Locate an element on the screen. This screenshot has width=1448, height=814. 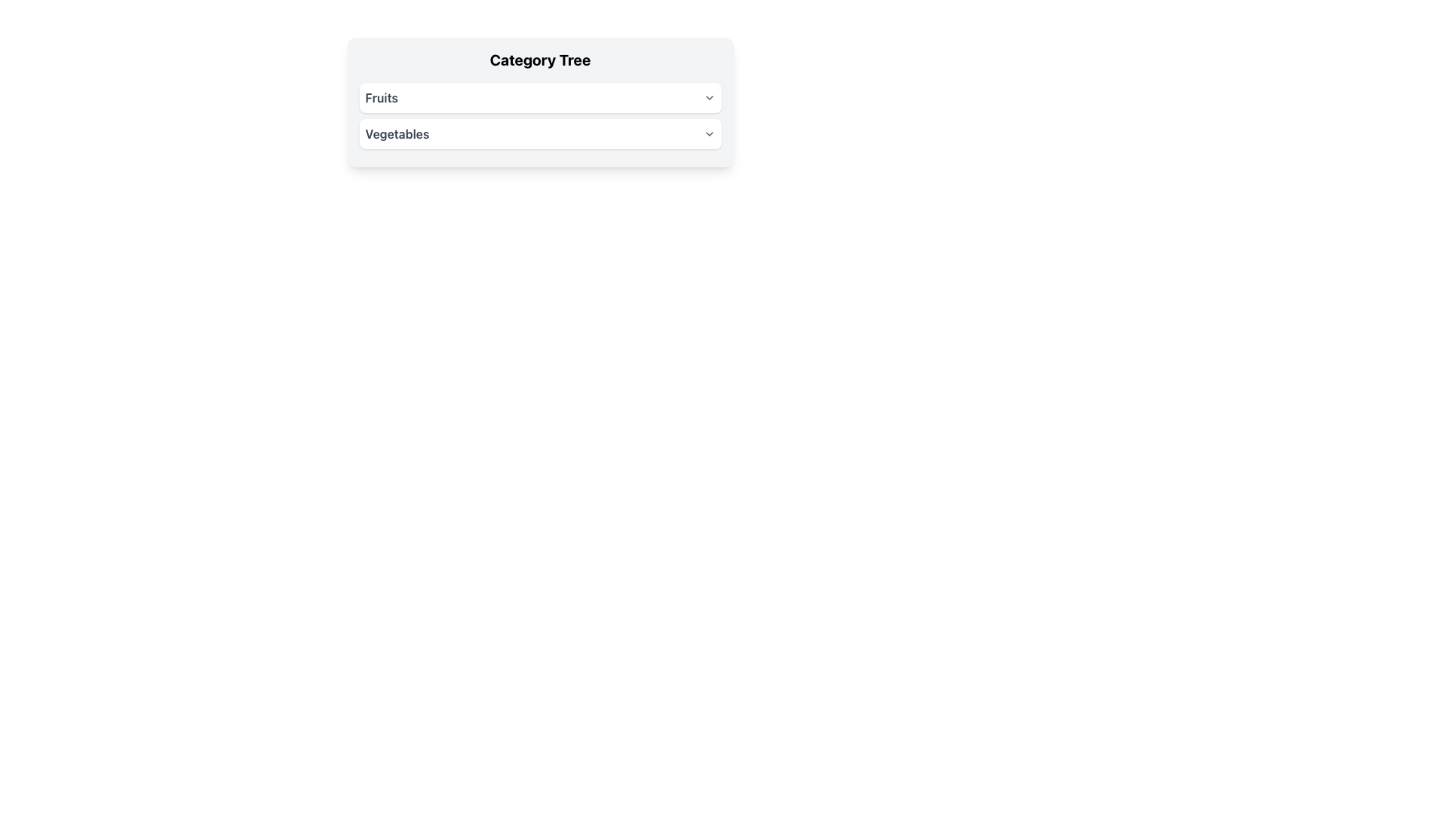
label text that describes the category of items, located within a selectable item in the list is located at coordinates (397, 133).